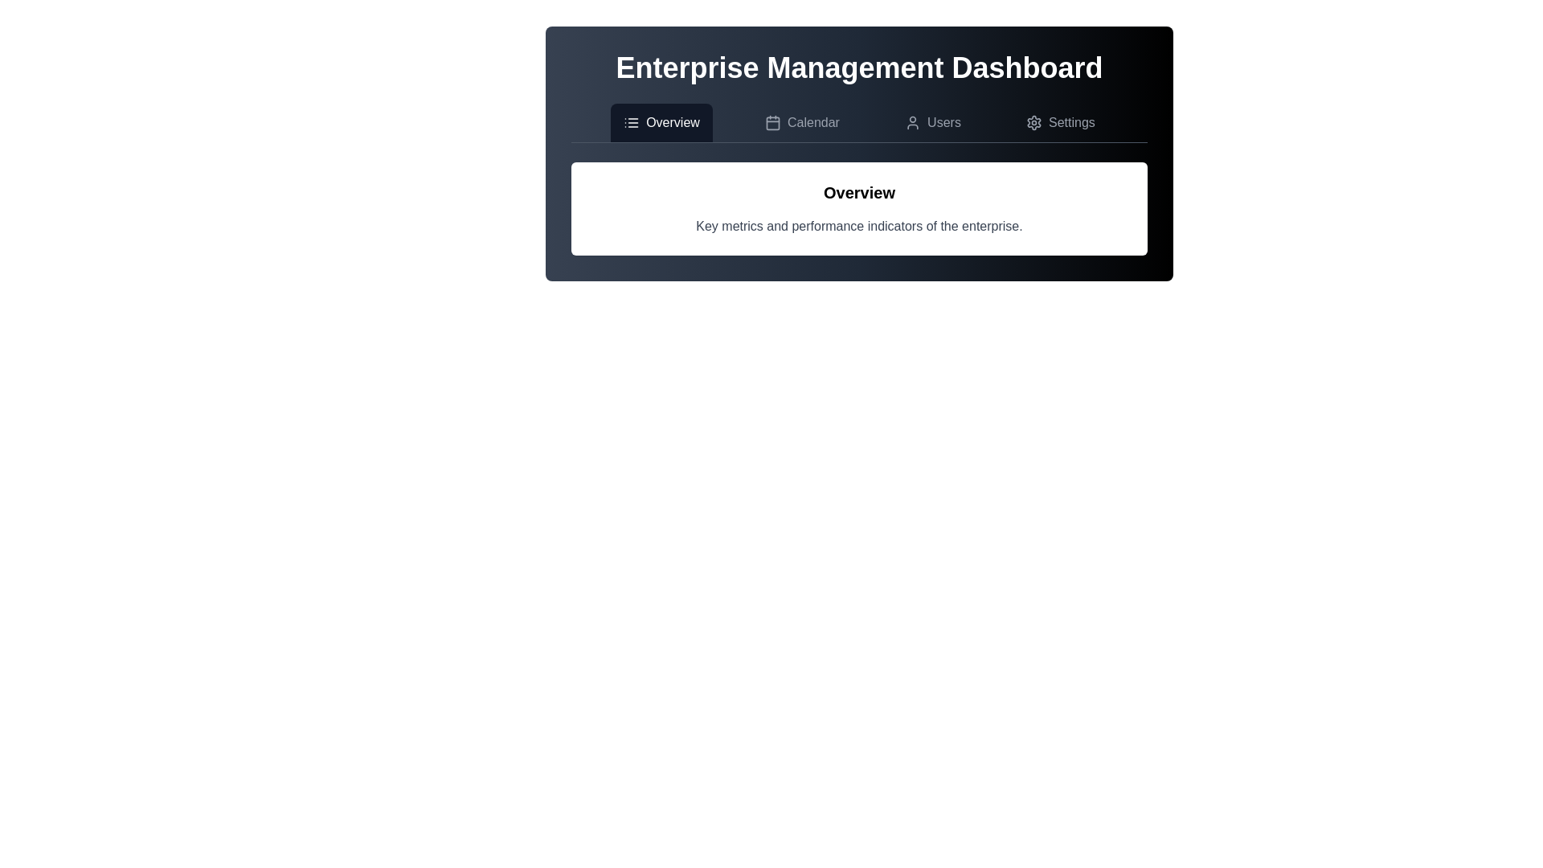  Describe the element at coordinates (933, 122) in the screenshot. I see `the 'Users' menu option in the navigation bar` at that location.